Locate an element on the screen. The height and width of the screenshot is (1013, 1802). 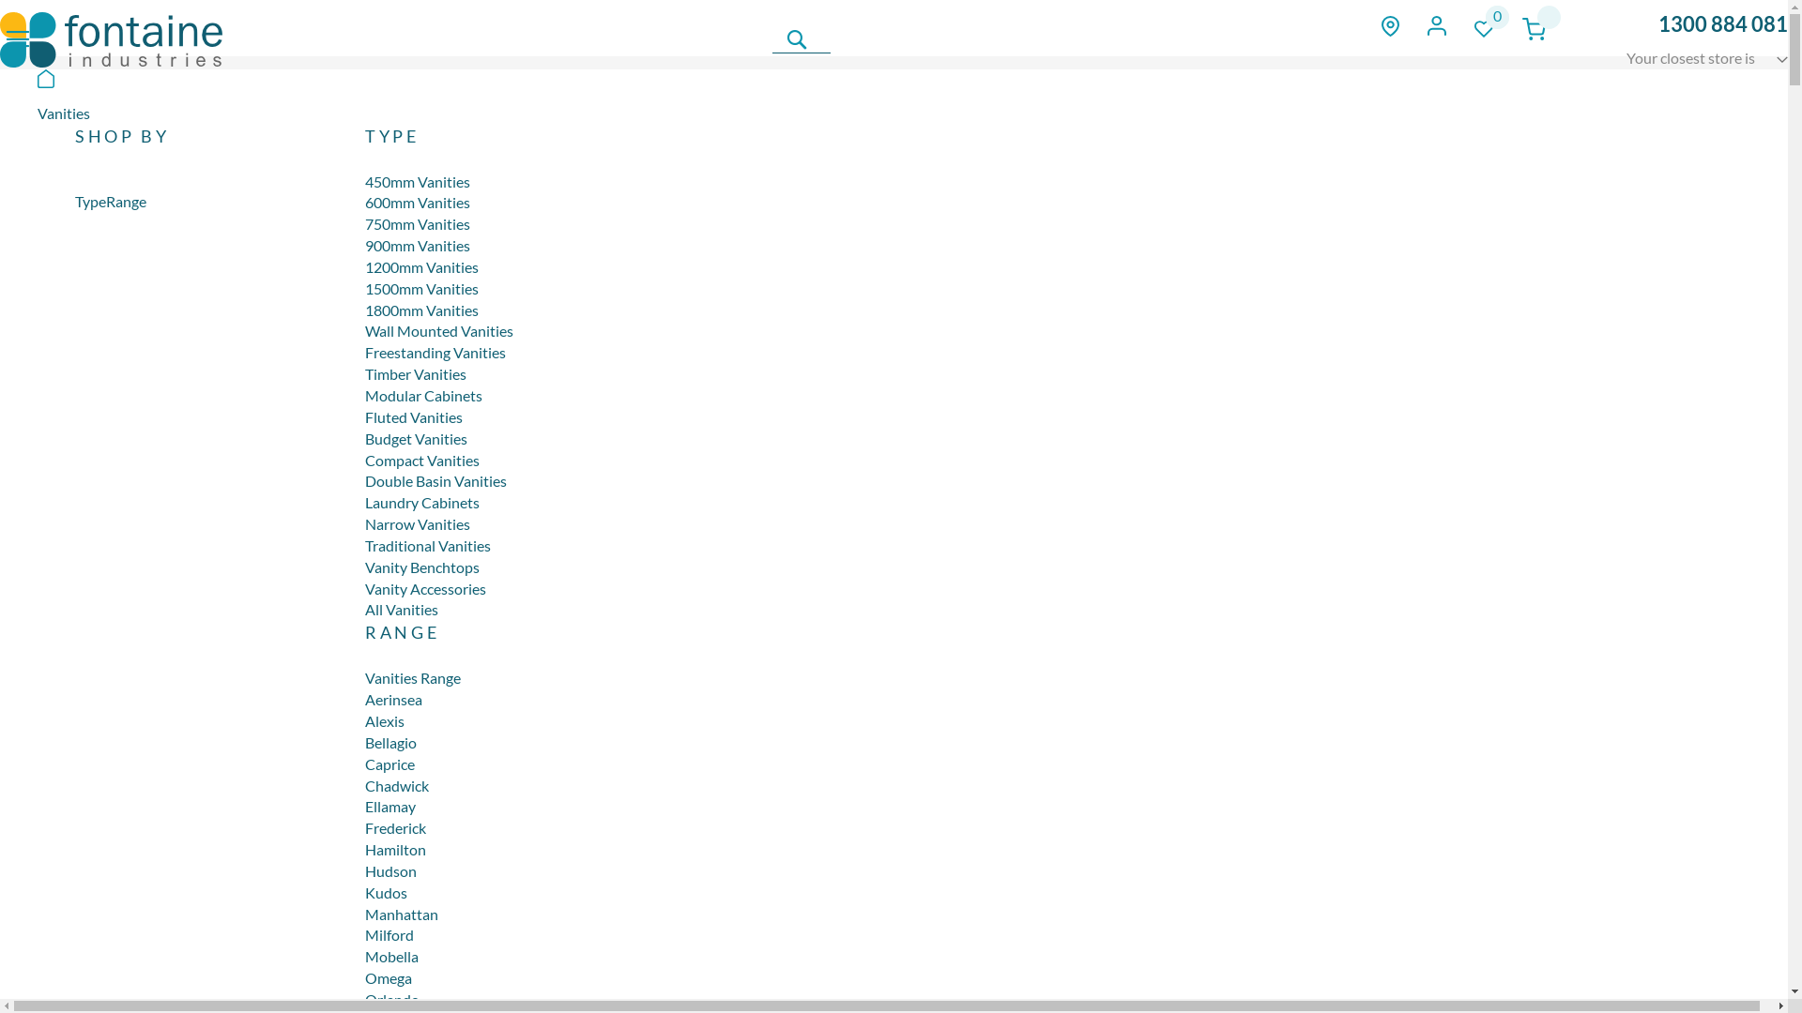
'1800mm Vanities' is located at coordinates (420, 309).